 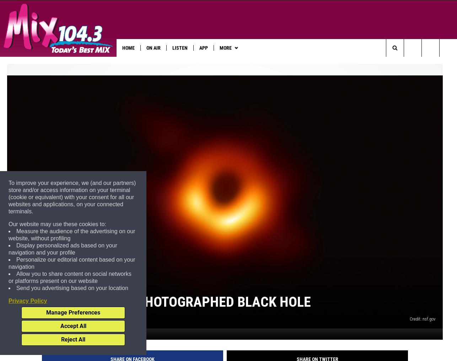 What do you see at coordinates (225, 47) in the screenshot?
I see `'More'` at bounding box center [225, 47].